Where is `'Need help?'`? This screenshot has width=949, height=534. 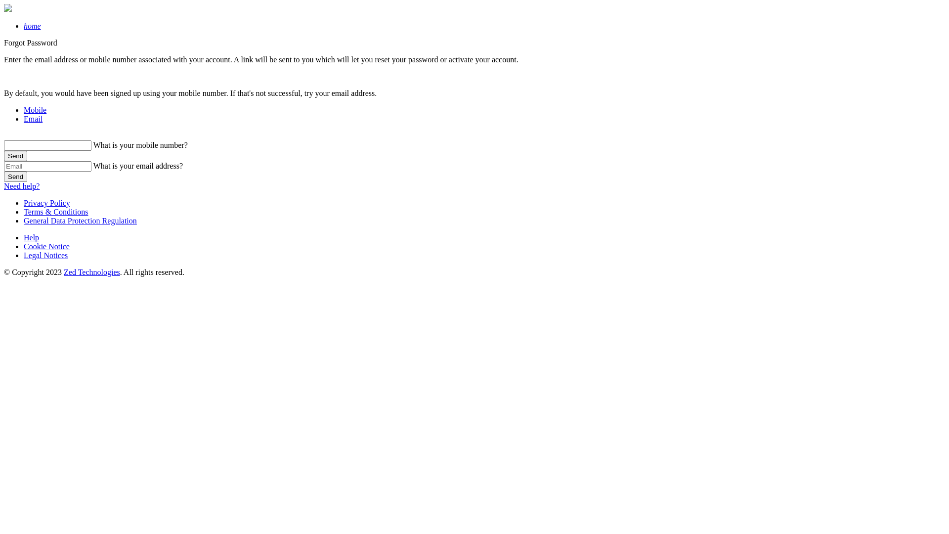 'Need help?' is located at coordinates (21, 186).